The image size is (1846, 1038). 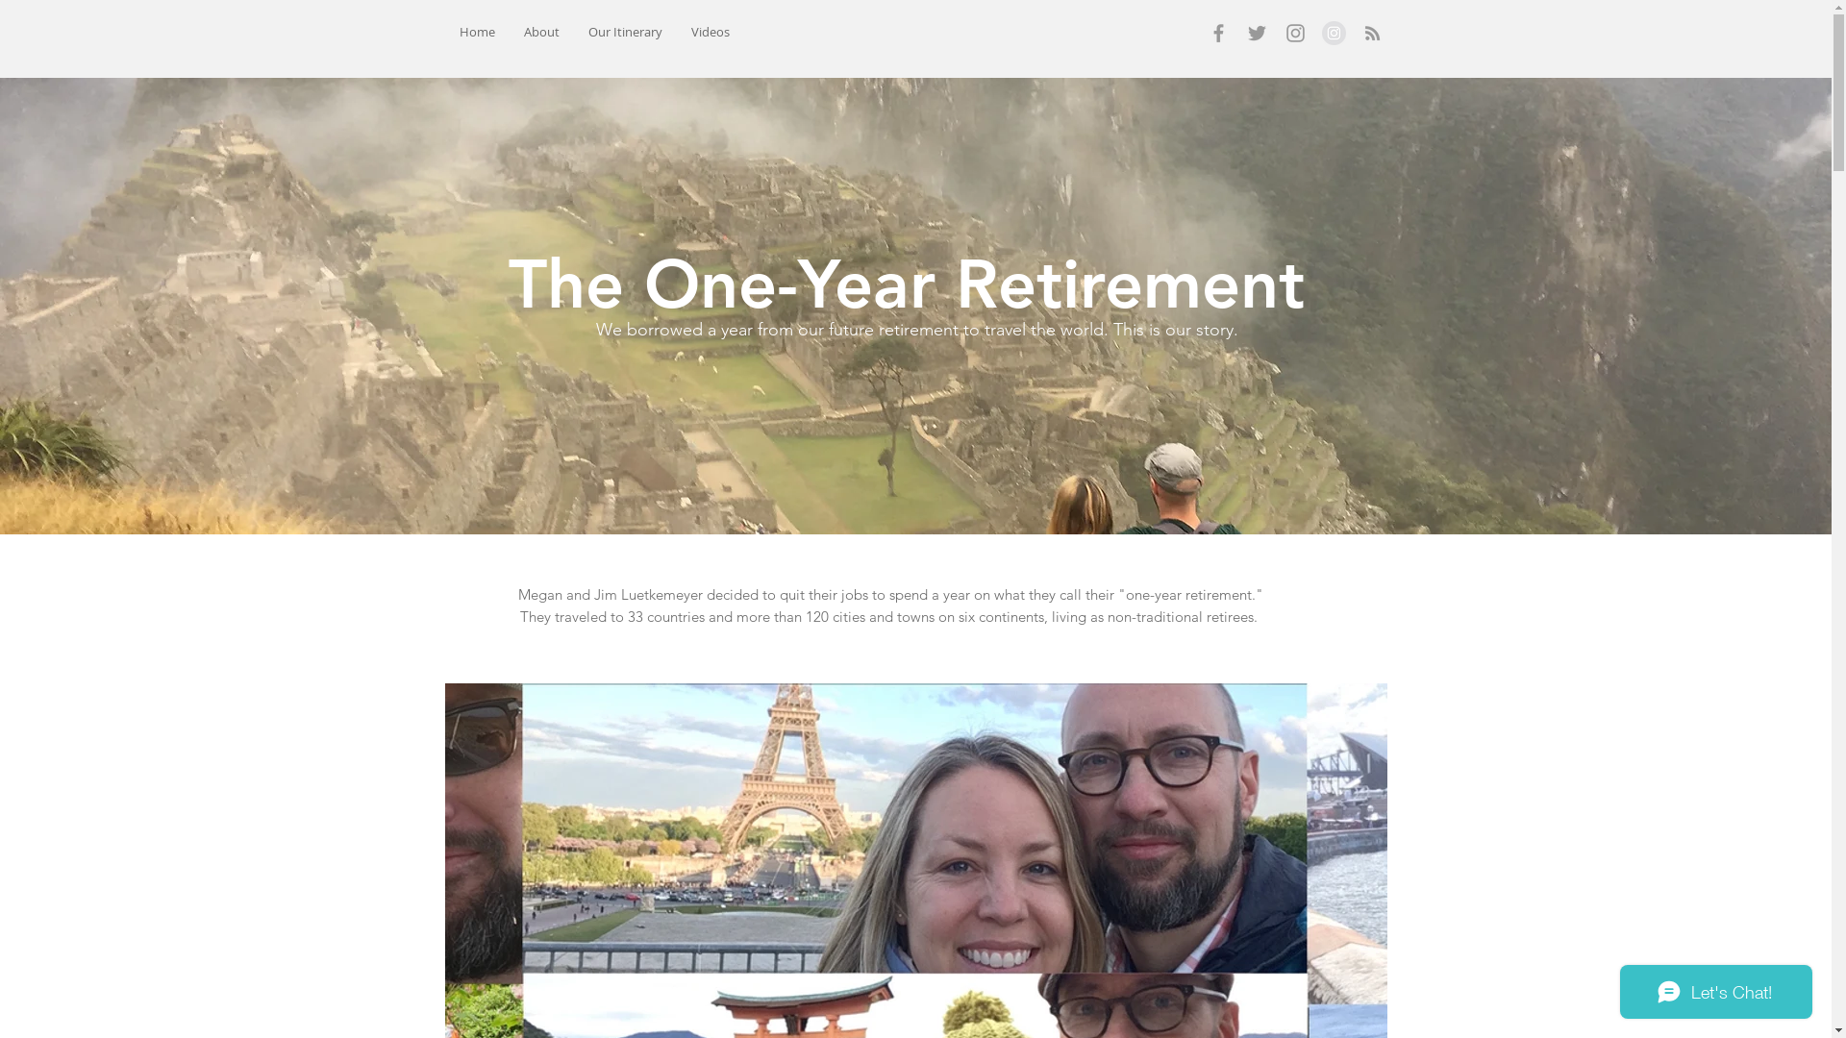 What do you see at coordinates (476, 32) in the screenshot?
I see `'Home'` at bounding box center [476, 32].